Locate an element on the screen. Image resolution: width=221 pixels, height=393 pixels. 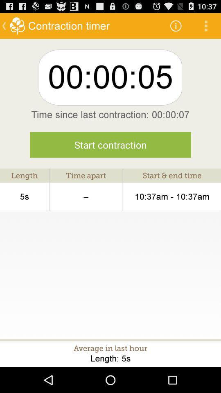
the icon to the right of the time apart is located at coordinates (171, 196).